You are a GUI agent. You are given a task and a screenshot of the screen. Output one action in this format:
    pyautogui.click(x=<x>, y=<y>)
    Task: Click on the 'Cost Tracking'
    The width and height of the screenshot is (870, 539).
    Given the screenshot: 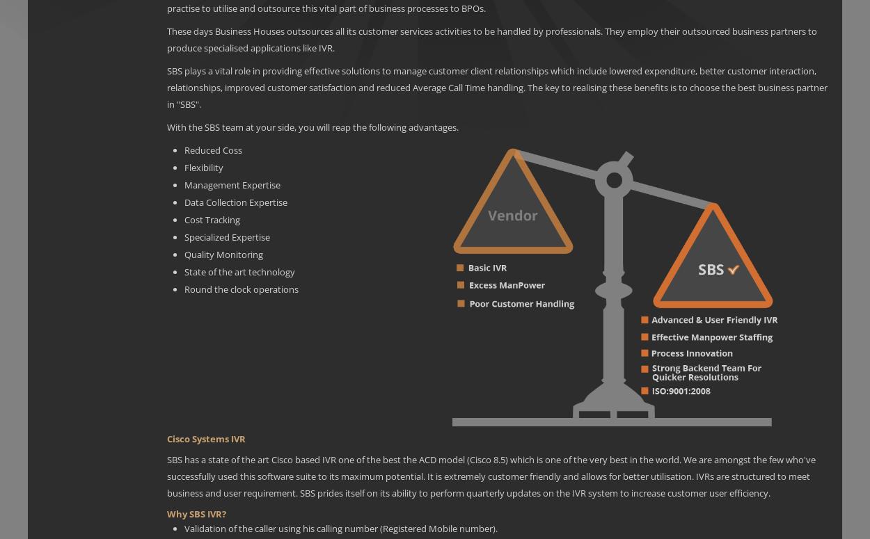 What is the action you would take?
    pyautogui.click(x=212, y=218)
    